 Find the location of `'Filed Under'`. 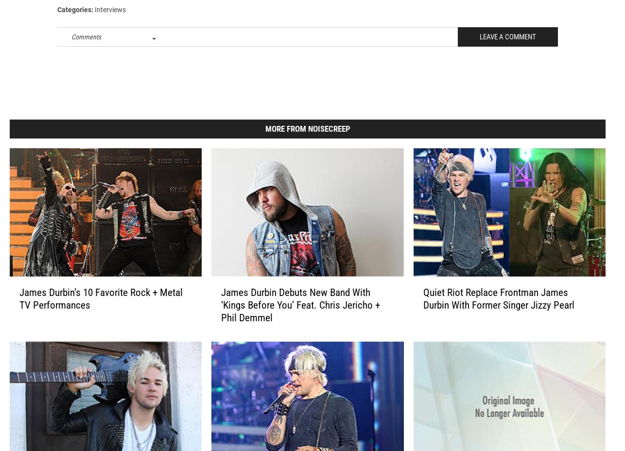

'Filed Under' is located at coordinates (75, 9).